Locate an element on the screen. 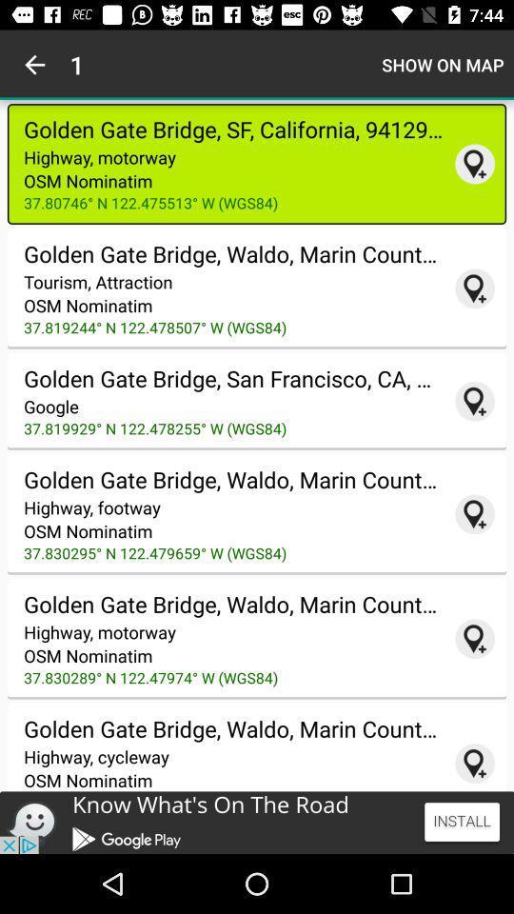 The height and width of the screenshot is (914, 514). to map is located at coordinates (474, 163).